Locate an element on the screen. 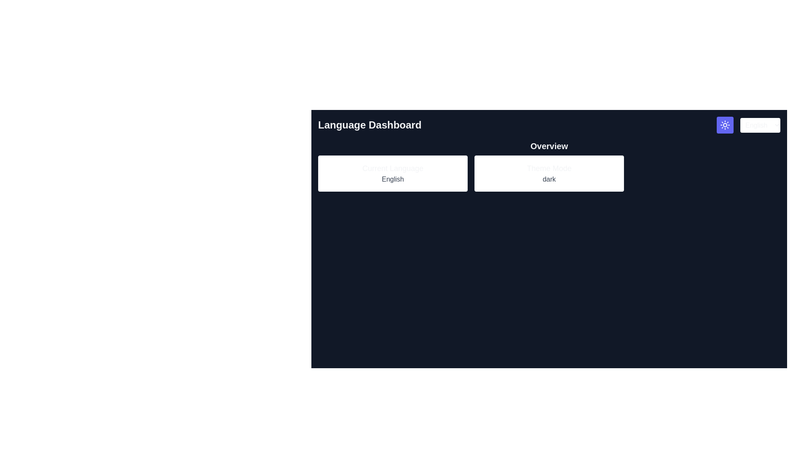 This screenshot has width=809, height=455. the prominent bold white text displaying 'Language Dashboard' located near the top left corner of the interface to trigger additional functionality is located at coordinates (370, 125).